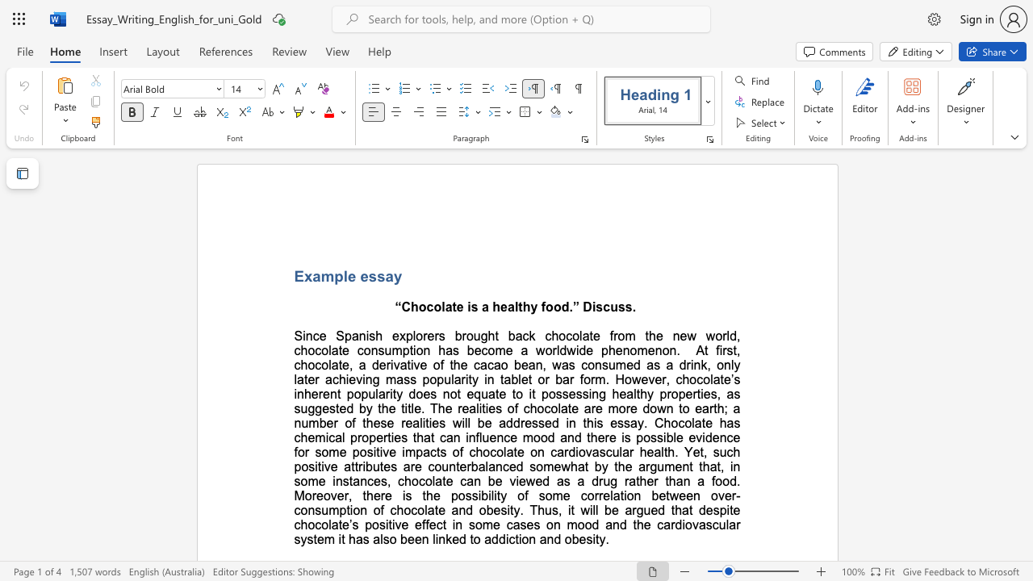 The image size is (1033, 581). I want to click on the subset text "e is a healthy food." within the text "Chocolate is a healthy food.” Discuss.", so click(455, 307).